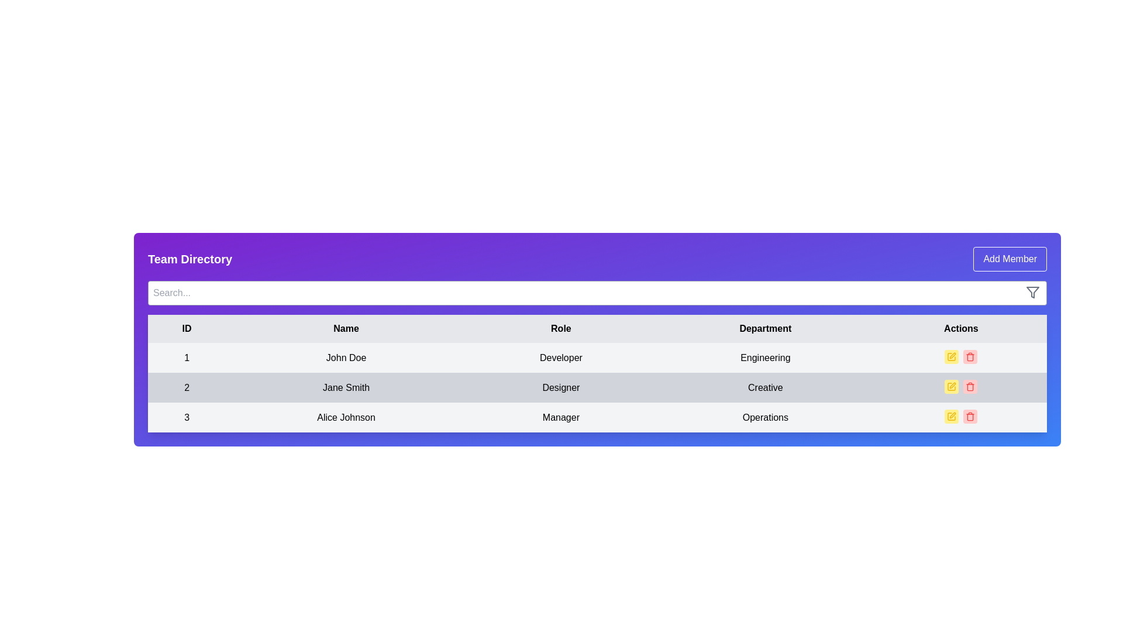 The width and height of the screenshot is (1123, 632). Describe the element at coordinates (186, 387) in the screenshot. I see `the numeric character '2' displayed in a bold, black font on a light grey rectangular background, located` at that location.